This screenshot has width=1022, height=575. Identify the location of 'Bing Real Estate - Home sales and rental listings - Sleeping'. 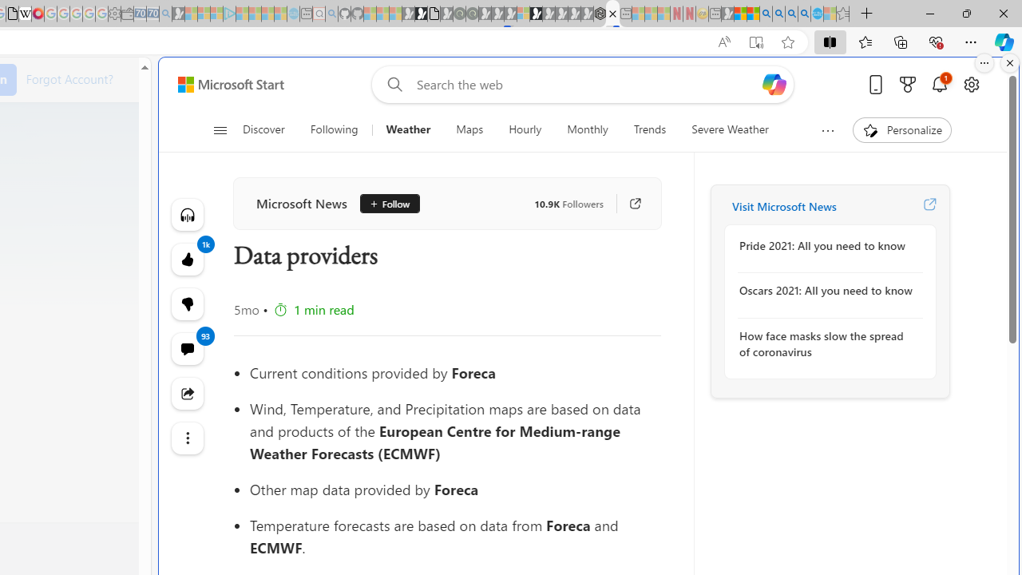
(165, 14).